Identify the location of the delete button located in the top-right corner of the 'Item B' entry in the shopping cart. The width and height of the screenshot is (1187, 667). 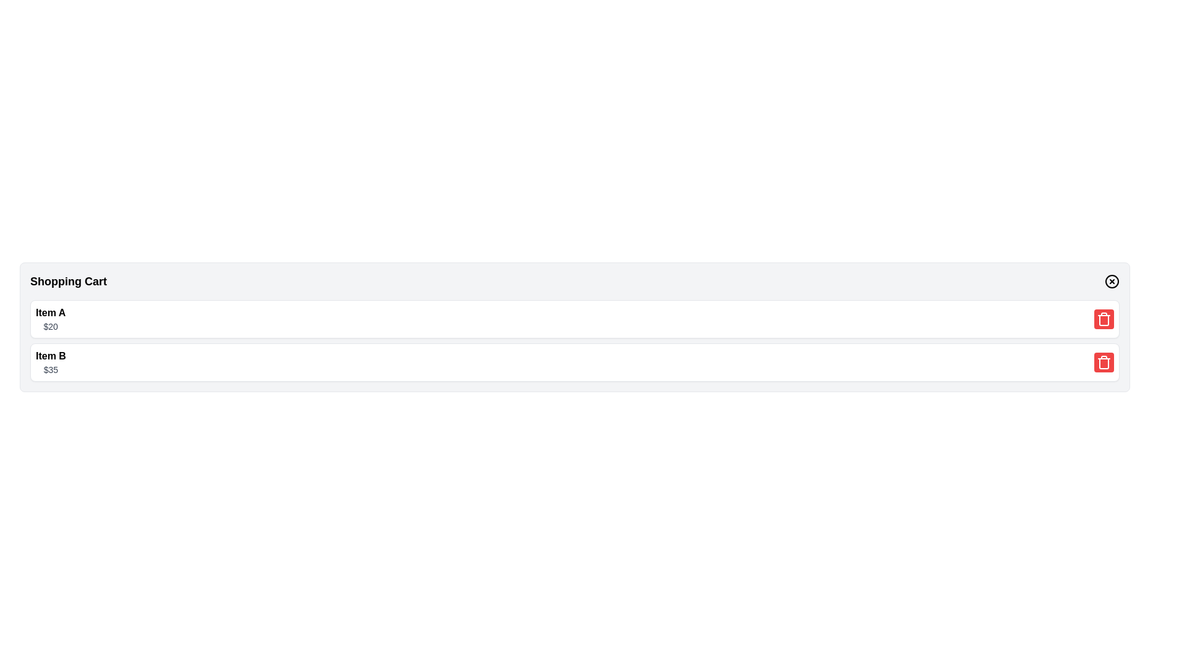
(1104, 361).